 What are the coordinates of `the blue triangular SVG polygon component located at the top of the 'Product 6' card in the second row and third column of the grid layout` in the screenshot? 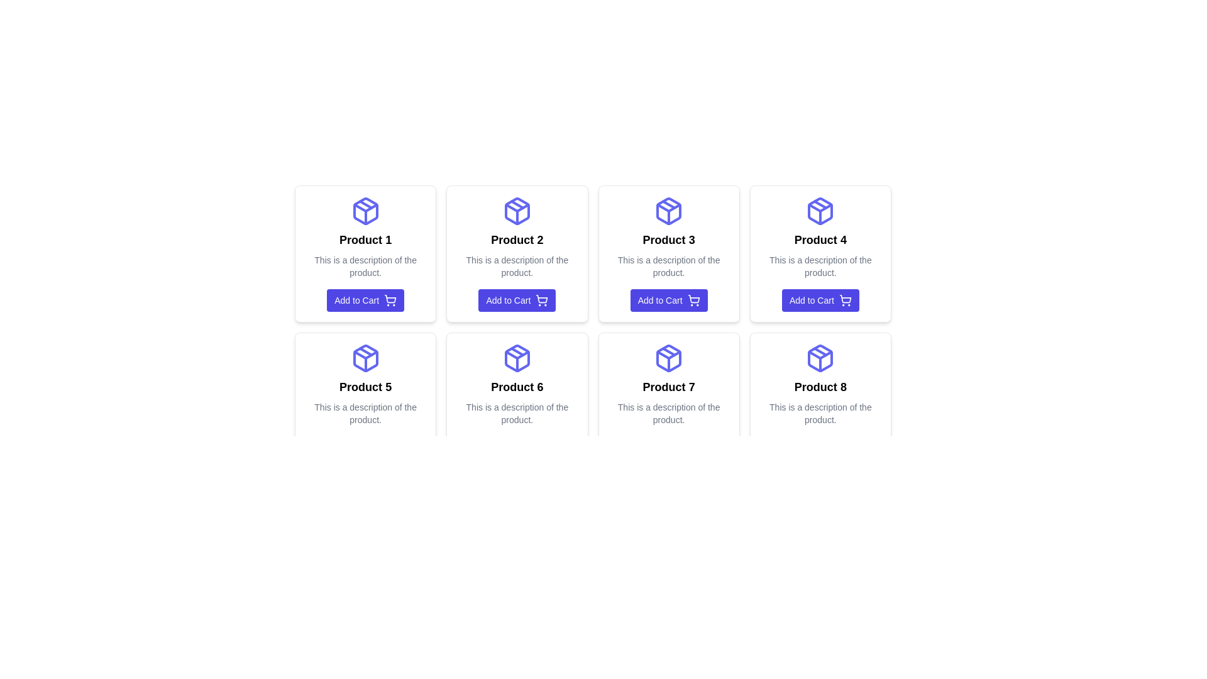 It's located at (517, 355).